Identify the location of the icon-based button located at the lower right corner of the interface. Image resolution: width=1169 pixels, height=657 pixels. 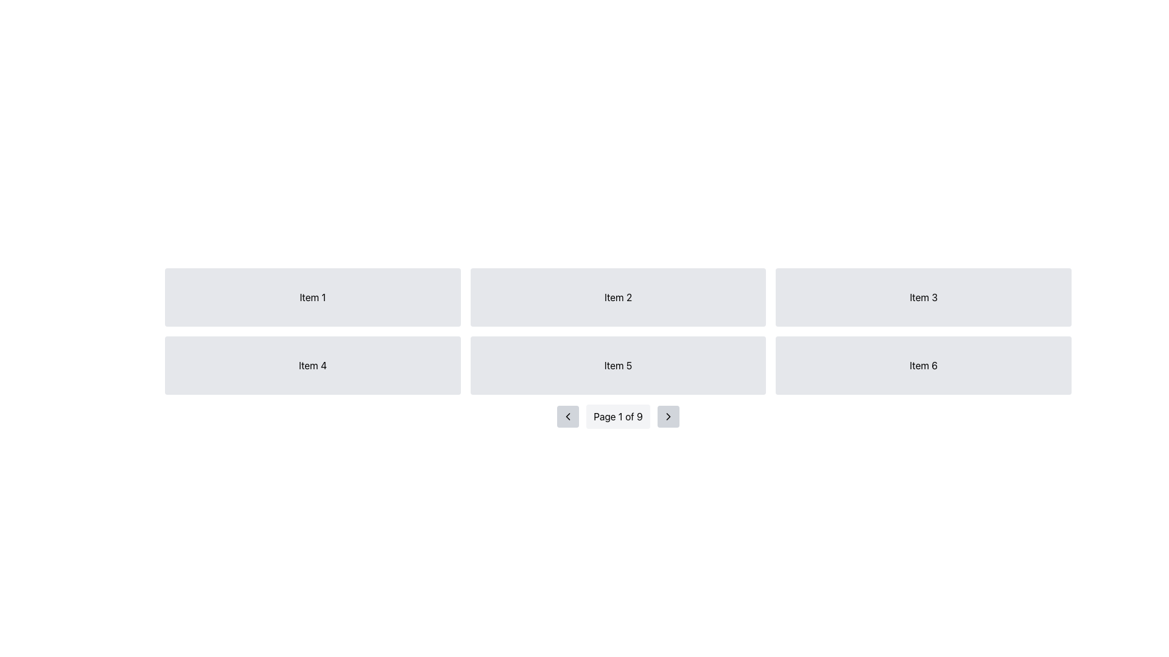
(667, 416).